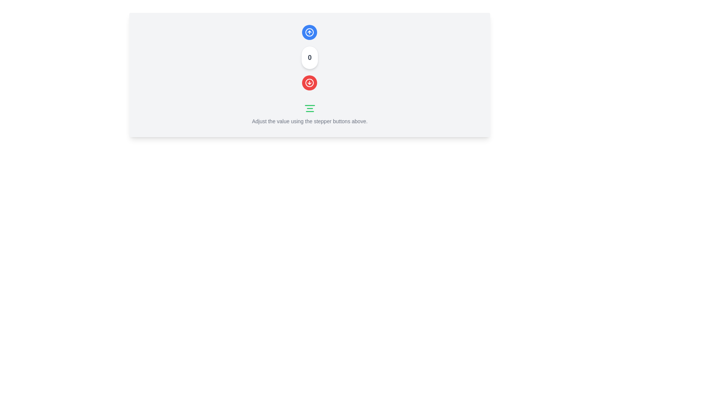 The height and width of the screenshot is (407, 724). What do you see at coordinates (310, 32) in the screenshot?
I see `the circular blue button with white text and an upwards arrow icon to increment a value` at bounding box center [310, 32].